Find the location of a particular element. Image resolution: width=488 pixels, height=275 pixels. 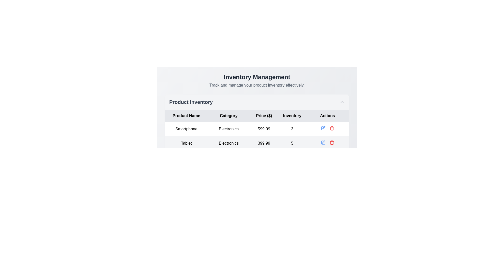

the text label displaying 'Actions', which is the fifth column header in the table, positioned to the far right of the header row is located at coordinates (327, 116).